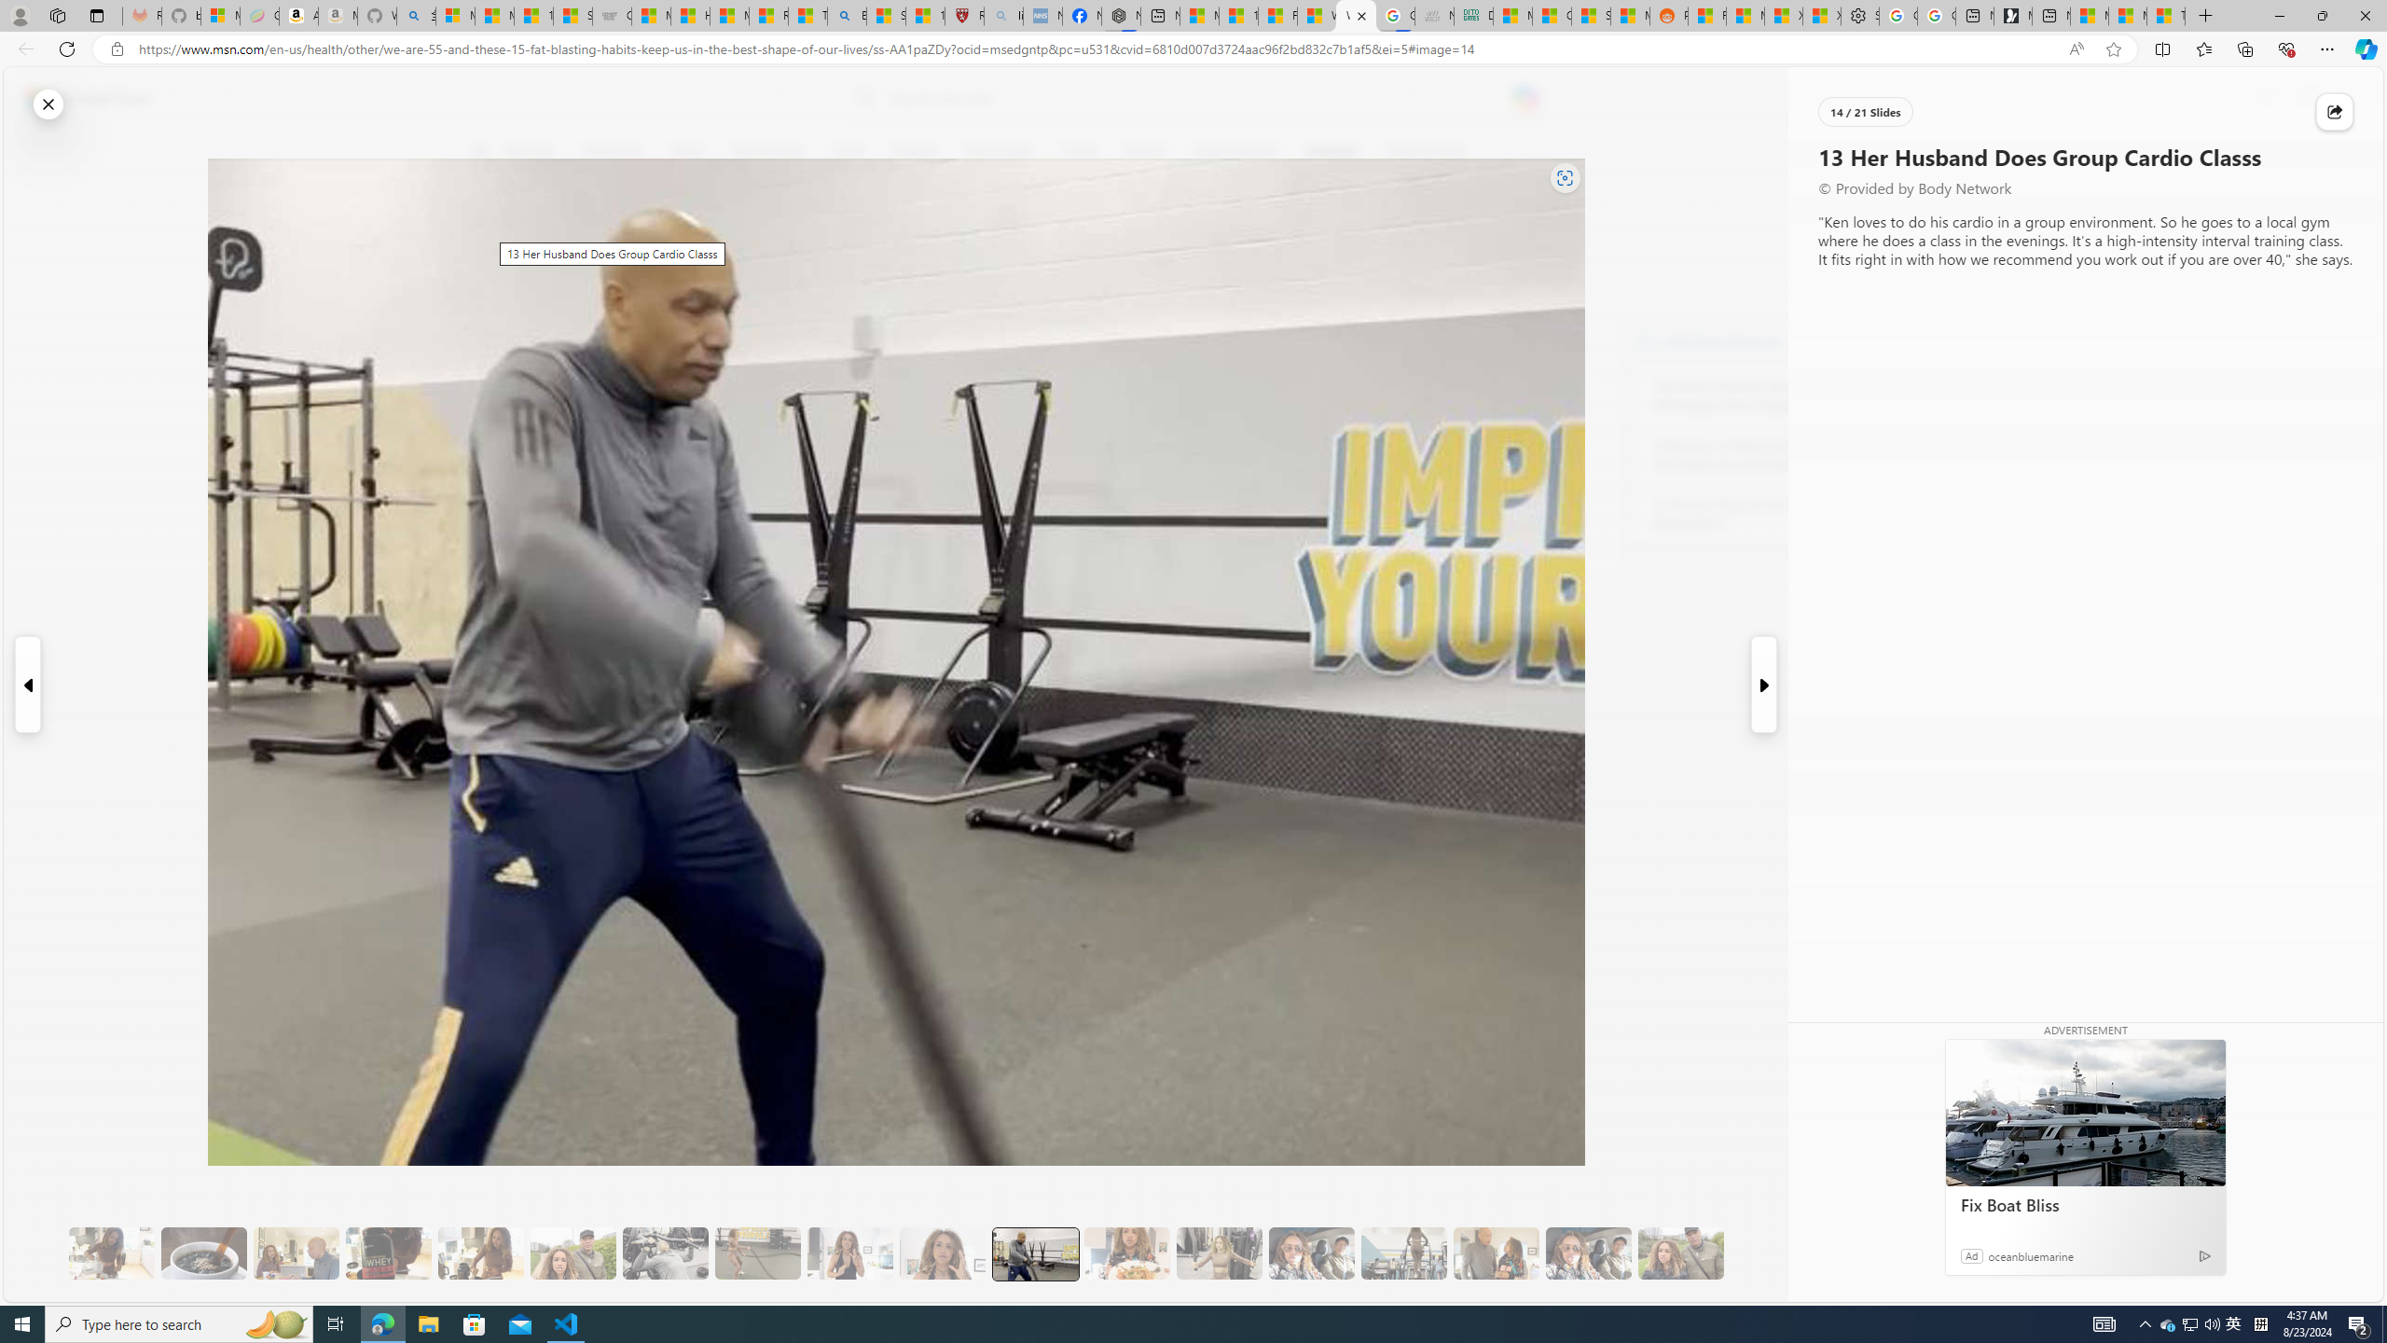 This screenshot has height=1343, width=2387. Describe the element at coordinates (2333, 110) in the screenshot. I see `'Share this story'` at that location.